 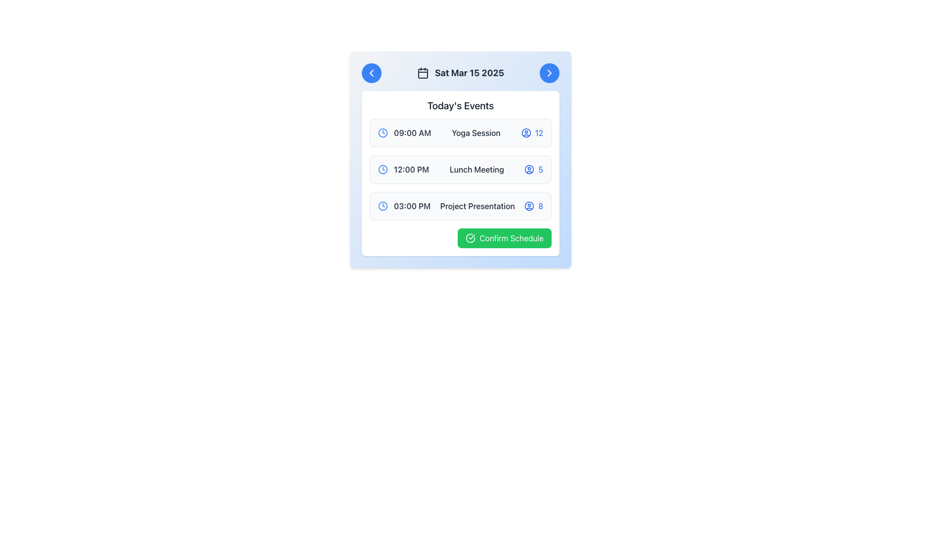 I want to click on the 'Lunch Meeting' text label, which is bold and gray, located in the second row of the list, positioned between the timestamp '12:00 PM' and the attendee count '5', so click(x=476, y=169).